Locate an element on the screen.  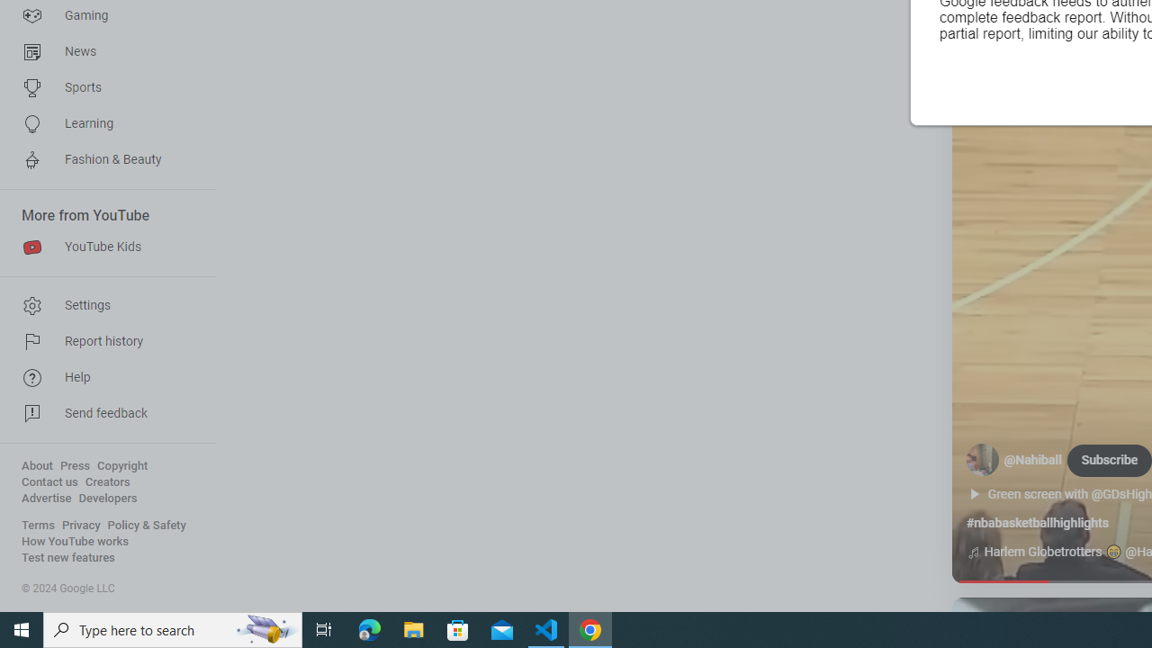
'How YouTube works' is located at coordinates (74, 541).